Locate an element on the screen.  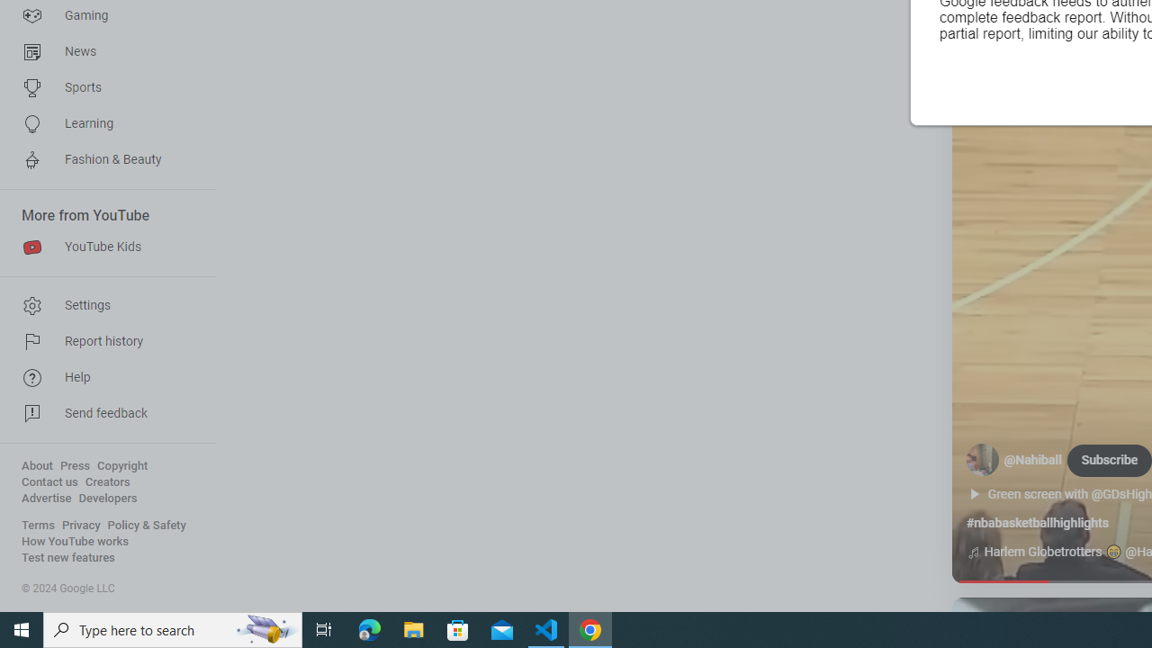
'How YouTube works' is located at coordinates (74, 541).